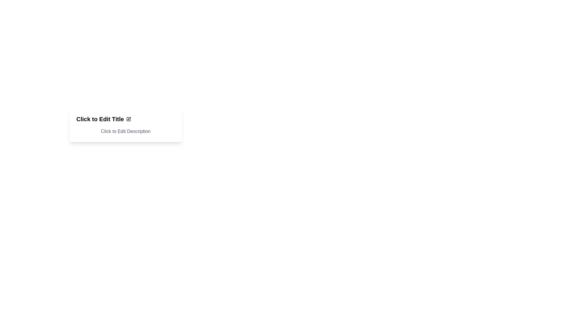  Describe the element at coordinates (125, 131) in the screenshot. I see `on the static text element displaying 'Click` at that location.